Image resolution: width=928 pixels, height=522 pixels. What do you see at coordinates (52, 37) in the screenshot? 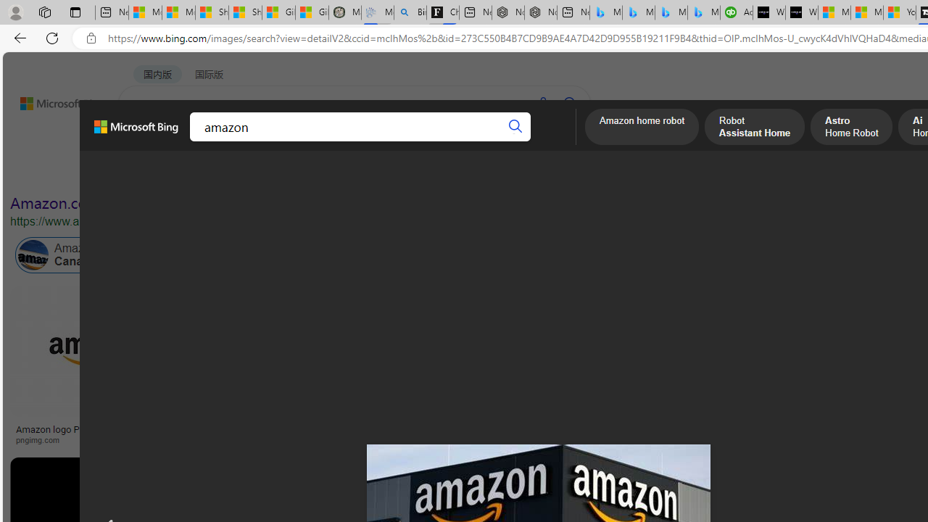
I see `'Refresh'` at bounding box center [52, 37].